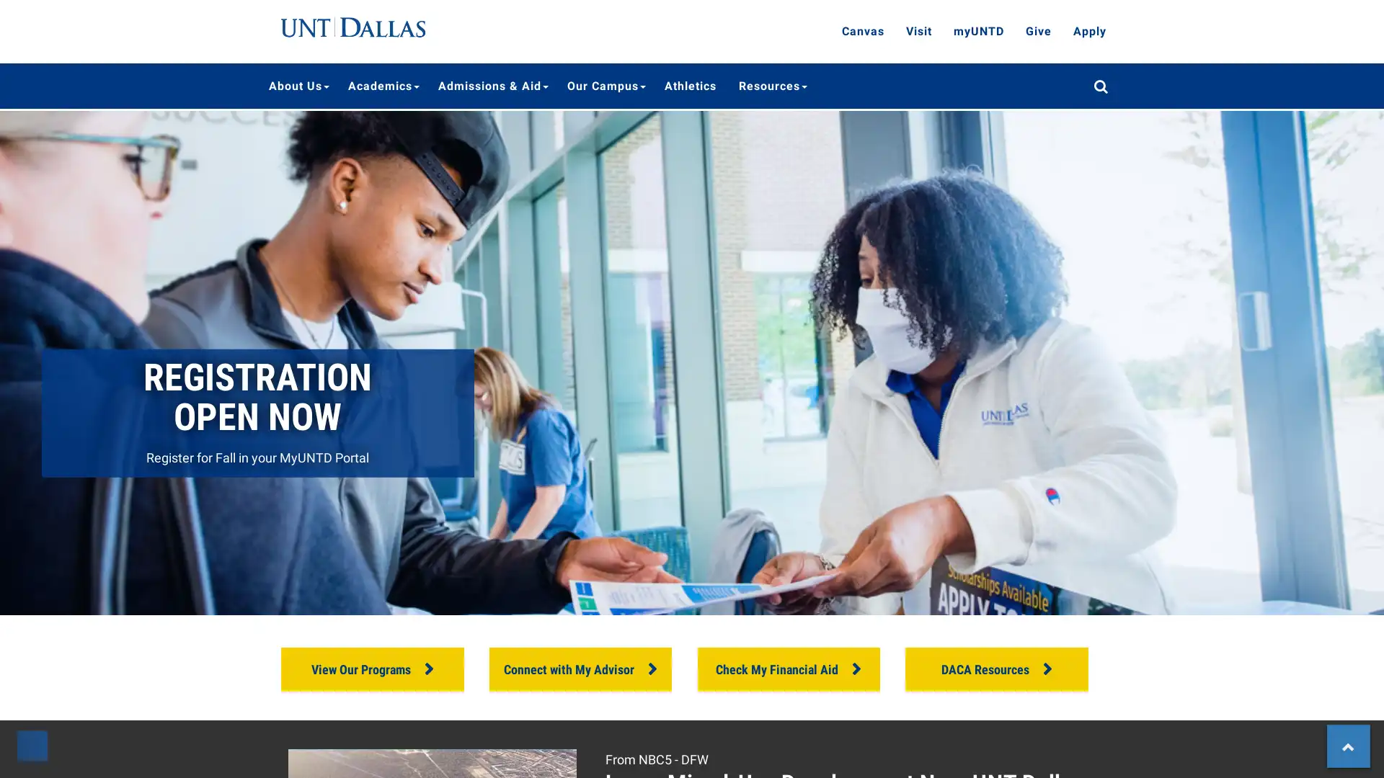  Describe the element at coordinates (1347, 746) in the screenshot. I see `BACK TO TOP` at that location.